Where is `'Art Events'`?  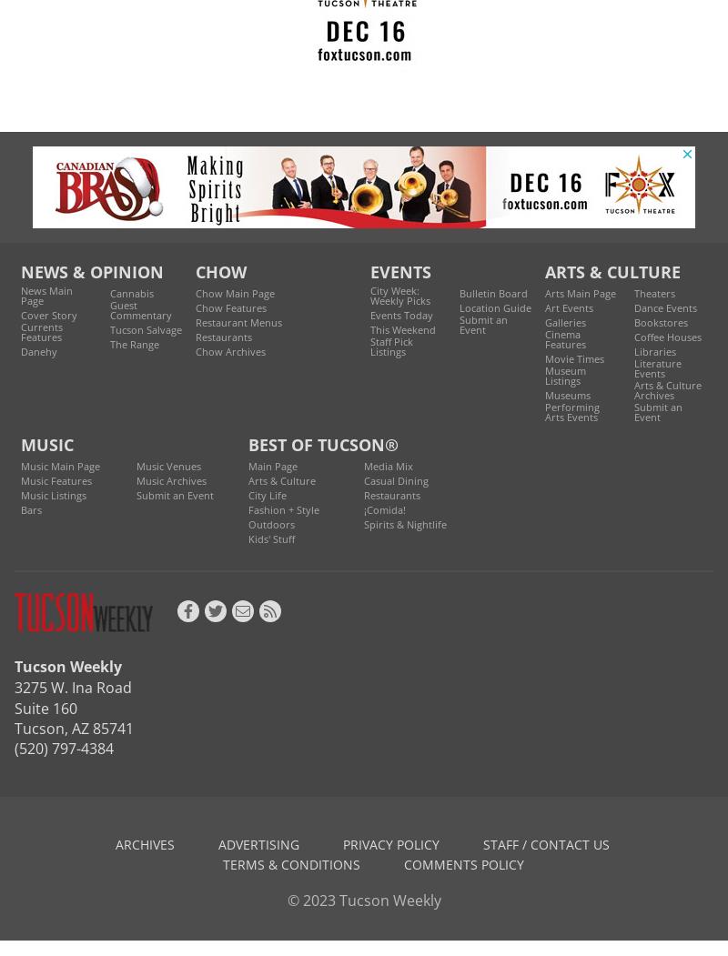 'Art Events' is located at coordinates (544, 307).